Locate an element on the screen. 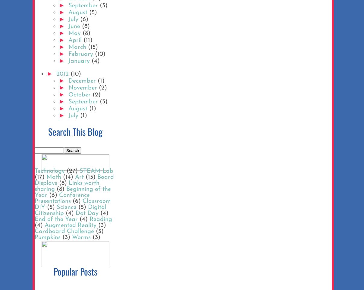 The image size is (364, 290). 'November' is located at coordinates (68, 87).